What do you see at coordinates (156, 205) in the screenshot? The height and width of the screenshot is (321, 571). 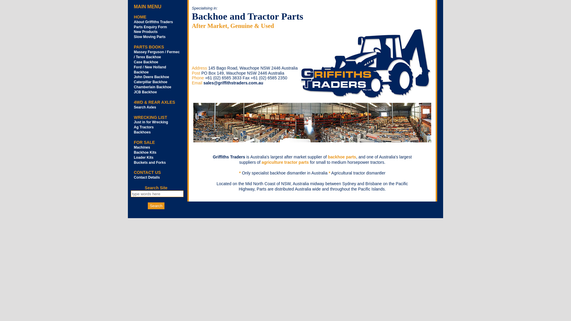 I see `'Search'` at bounding box center [156, 205].